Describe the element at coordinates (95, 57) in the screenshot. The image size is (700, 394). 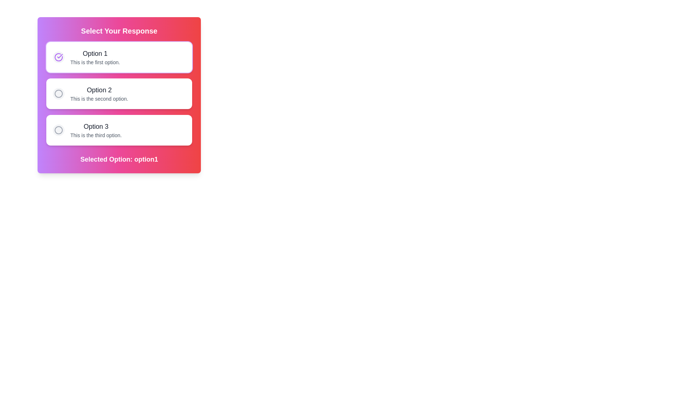
I see `the first option text description block that displays 'Option 1' in bold followed by 'This is the first option.'` at that location.